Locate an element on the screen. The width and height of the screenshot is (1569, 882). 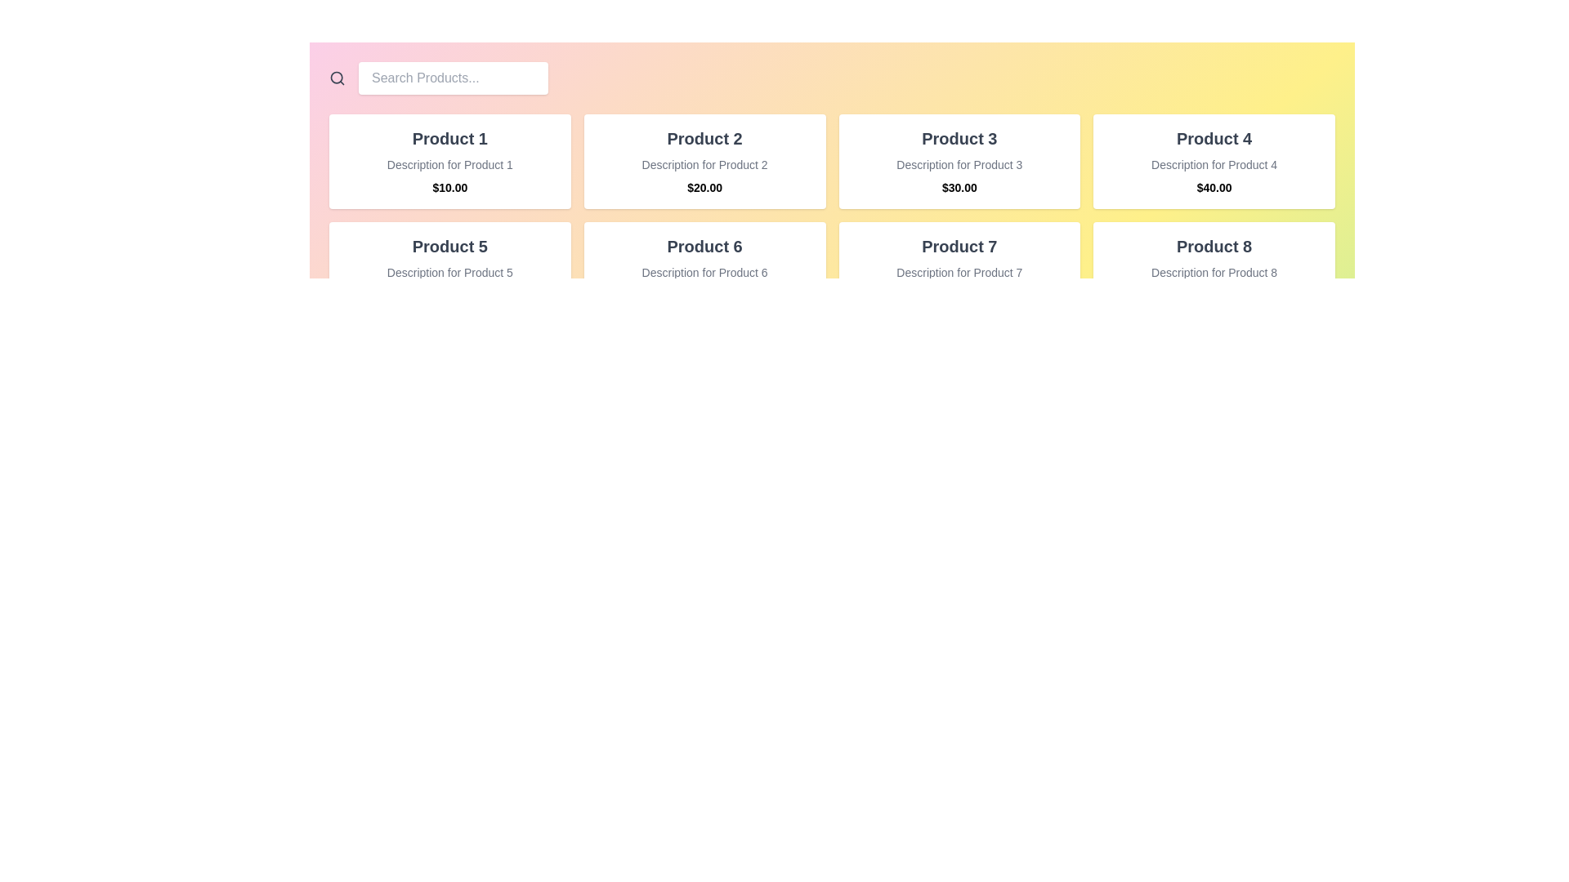
the static text element containing 'Description for Product 2', which is located below the 'Product 2' heading and above the price '$20.00' is located at coordinates (704, 164).